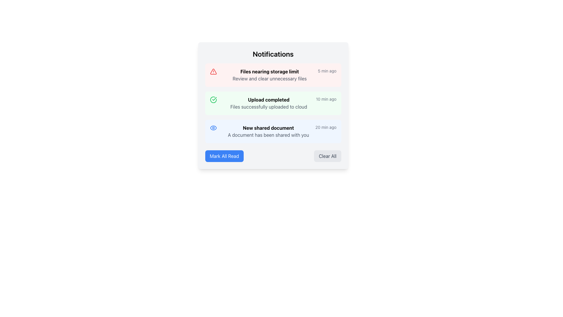 Image resolution: width=563 pixels, height=317 pixels. What do you see at coordinates (269, 71) in the screenshot?
I see `the bolded text label 'Files nearing storage limit' located in the warning notification bar, which is styled in black font and positioned at the upper part of a two-line text block` at bounding box center [269, 71].